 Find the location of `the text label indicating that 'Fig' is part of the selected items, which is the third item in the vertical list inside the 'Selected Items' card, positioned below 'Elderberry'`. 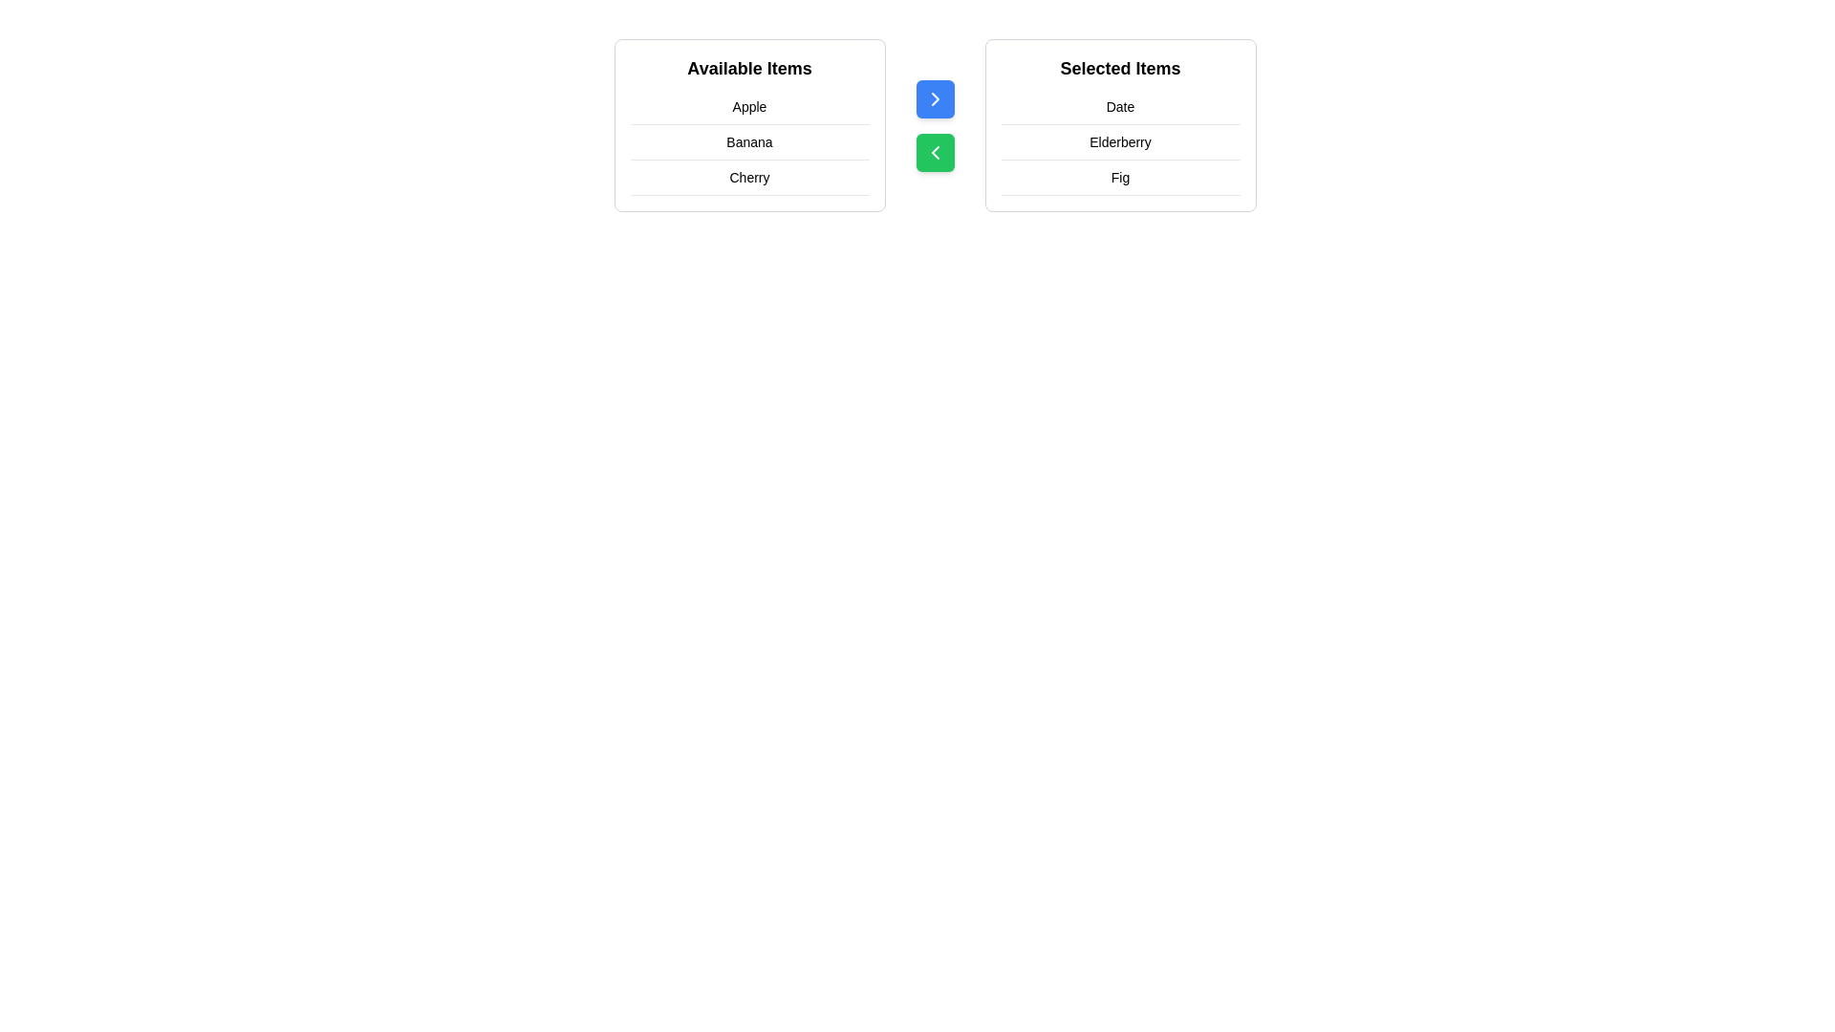

the text label indicating that 'Fig' is part of the selected items, which is the third item in the vertical list inside the 'Selected Items' card, positioned below 'Elderberry' is located at coordinates (1120, 178).